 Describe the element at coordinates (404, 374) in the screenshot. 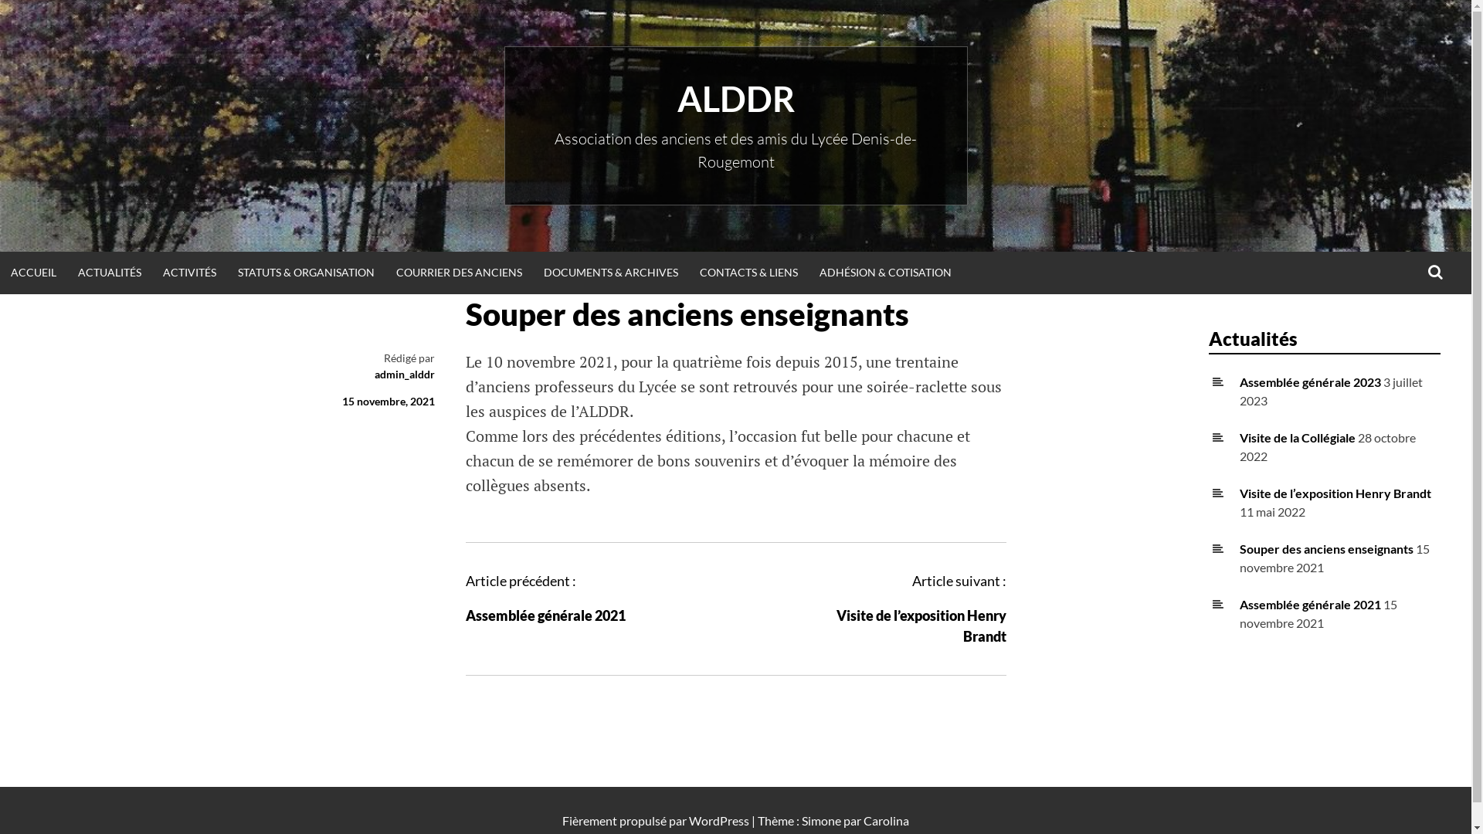

I see `'admin_alddr'` at that location.